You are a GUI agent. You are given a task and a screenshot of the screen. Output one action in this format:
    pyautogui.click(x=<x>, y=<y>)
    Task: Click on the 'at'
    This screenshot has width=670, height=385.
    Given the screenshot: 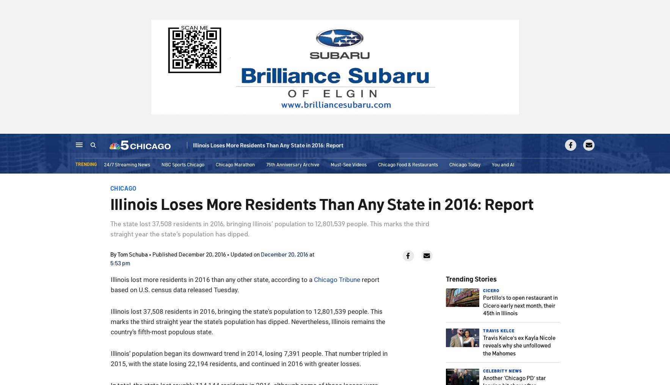 What is the action you would take?
    pyautogui.click(x=311, y=254)
    